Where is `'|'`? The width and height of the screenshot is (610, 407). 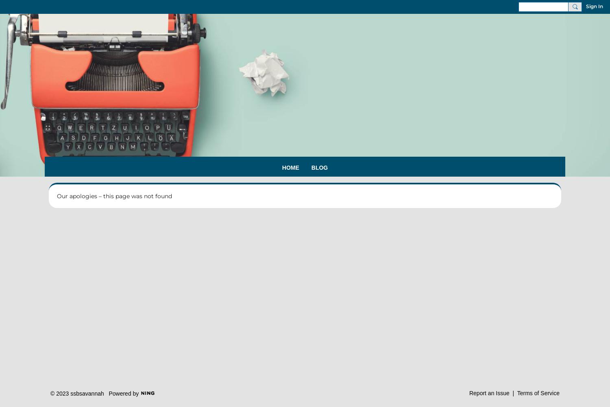
'|' is located at coordinates (509, 392).